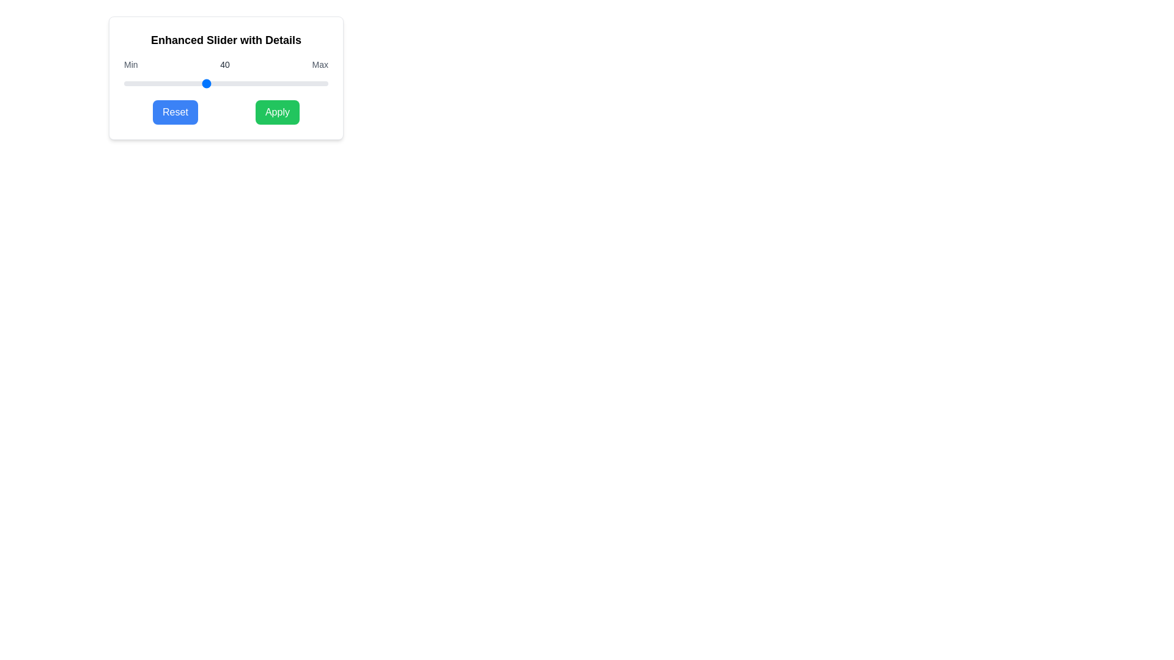 This screenshot has height=660, width=1174. What do you see at coordinates (130, 83) in the screenshot?
I see `the slider` at bounding box center [130, 83].